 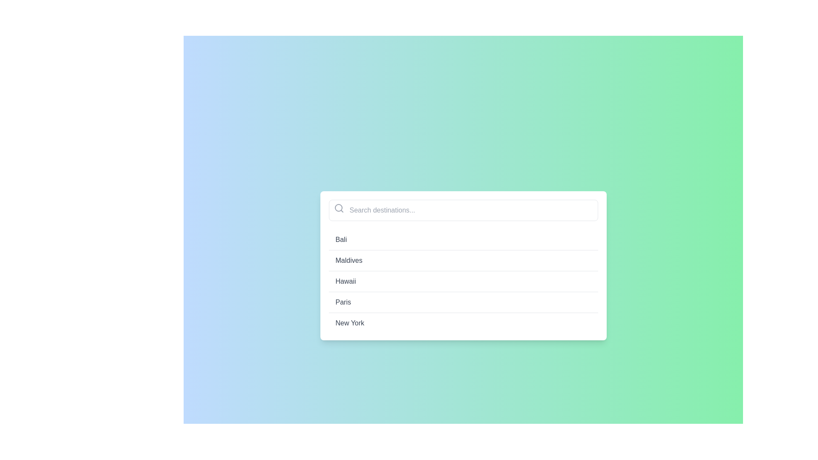 What do you see at coordinates (463, 240) in the screenshot?
I see `the first list item element representing 'Bali' in the selectable destinations list` at bounding box center [463, 240].